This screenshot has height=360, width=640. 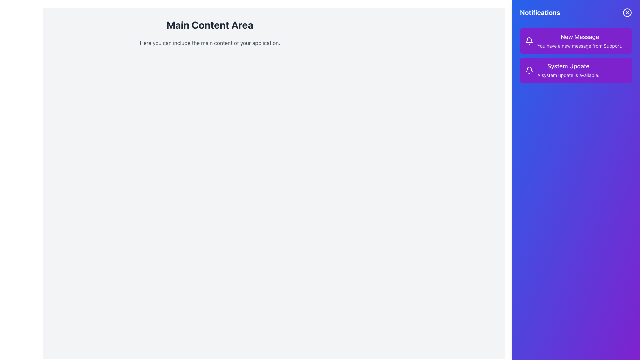 I want to click on static text notification message that states 'You have a new message from Support.' It is styled in a smaller font size and light gray color, located within a purple notification card beneath the heading 'New Message.', so click(x=579, y=45).